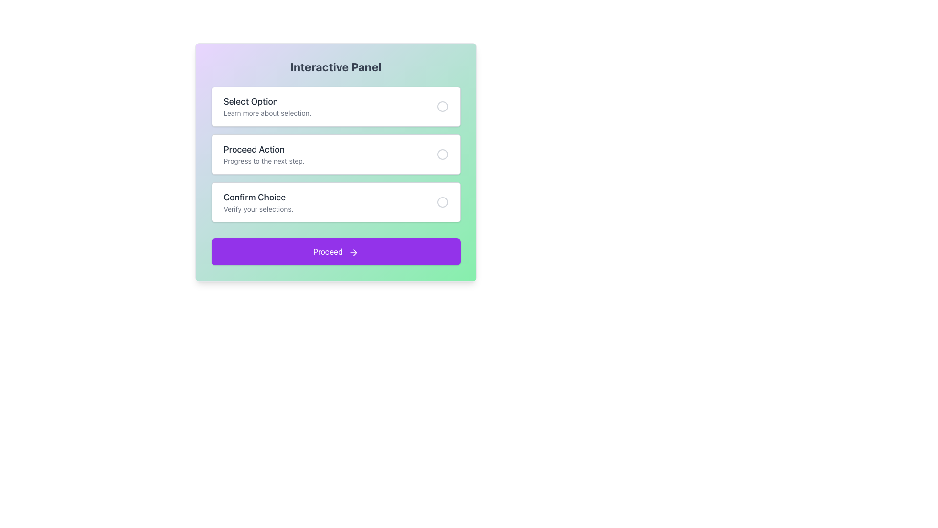 This screenshot has width=938, height=528. Describe the element at coordinates (267, 107) in the screenshot. I see `the topmost selectable option in the list under the 'Interactive Panel' heading` at that location.